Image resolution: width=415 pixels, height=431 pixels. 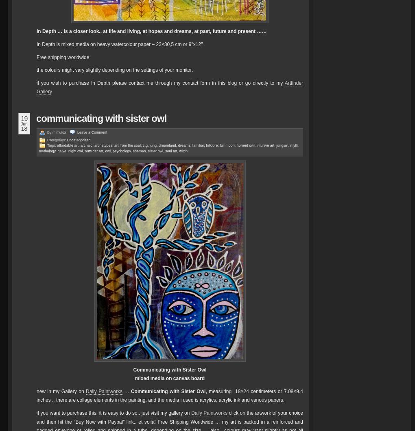 I want to click on 'archetypes', so click(x=103, y=145).